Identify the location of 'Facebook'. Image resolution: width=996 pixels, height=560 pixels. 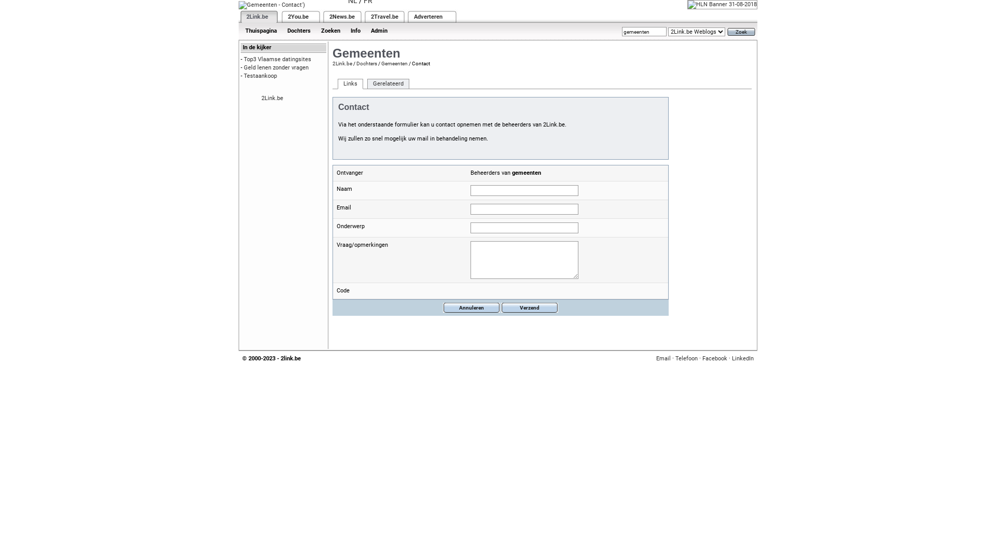
(714, 358).